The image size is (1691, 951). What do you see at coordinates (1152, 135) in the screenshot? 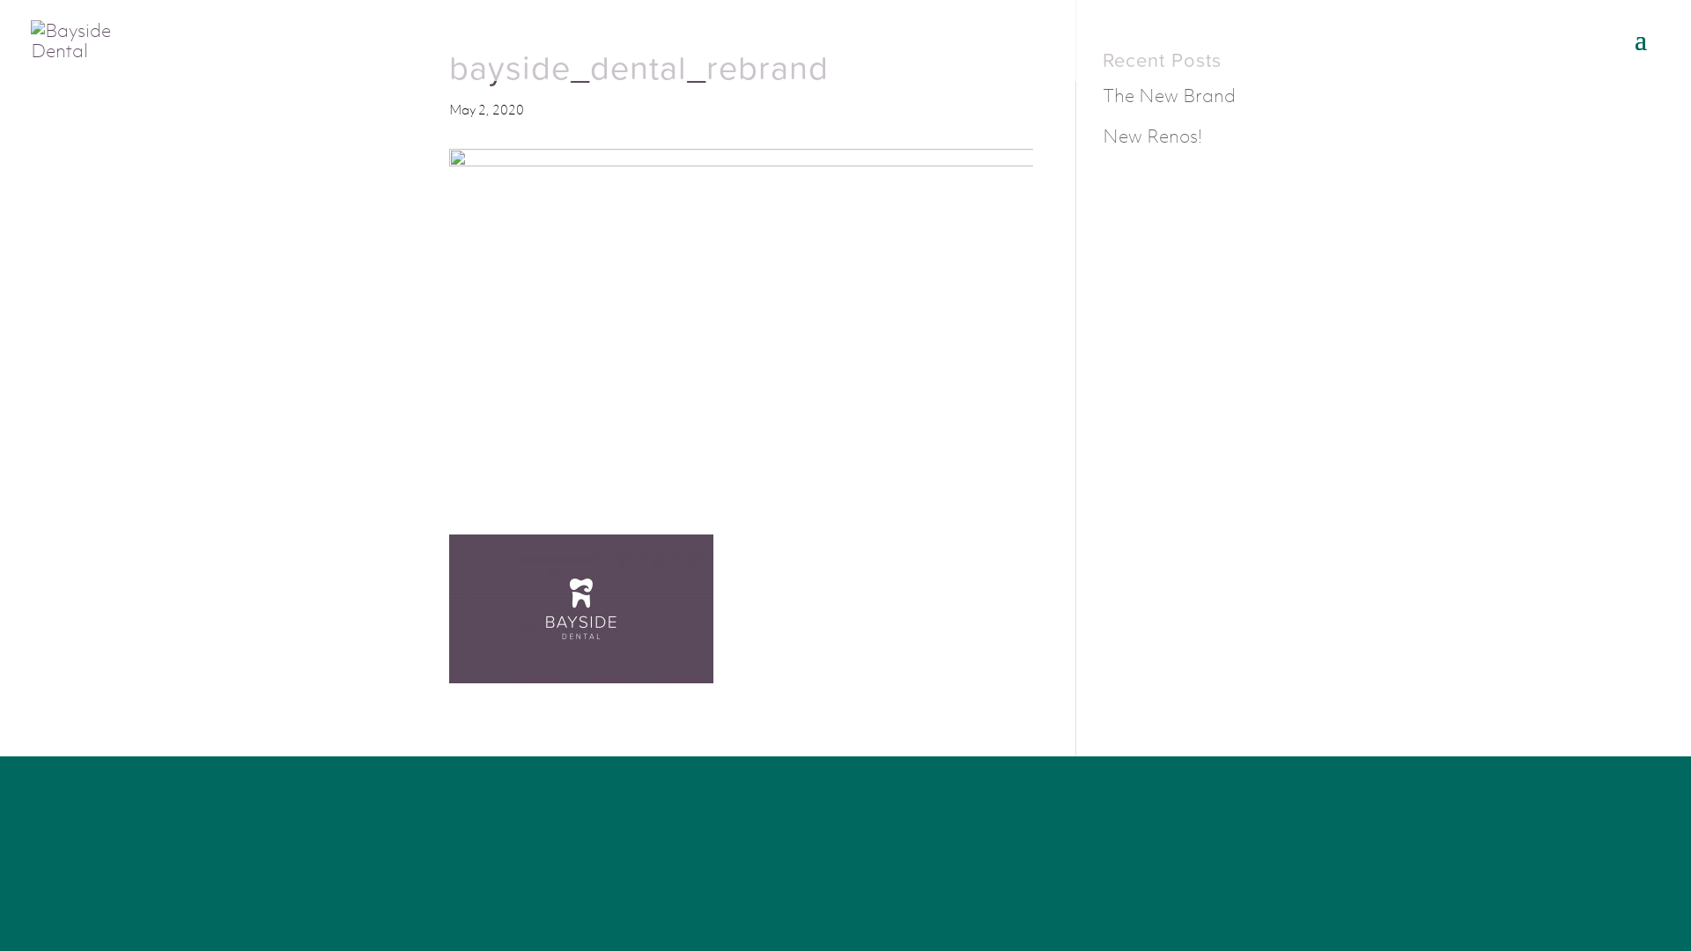
I see `'New Renos!'` at bounding box center [1152, 135].